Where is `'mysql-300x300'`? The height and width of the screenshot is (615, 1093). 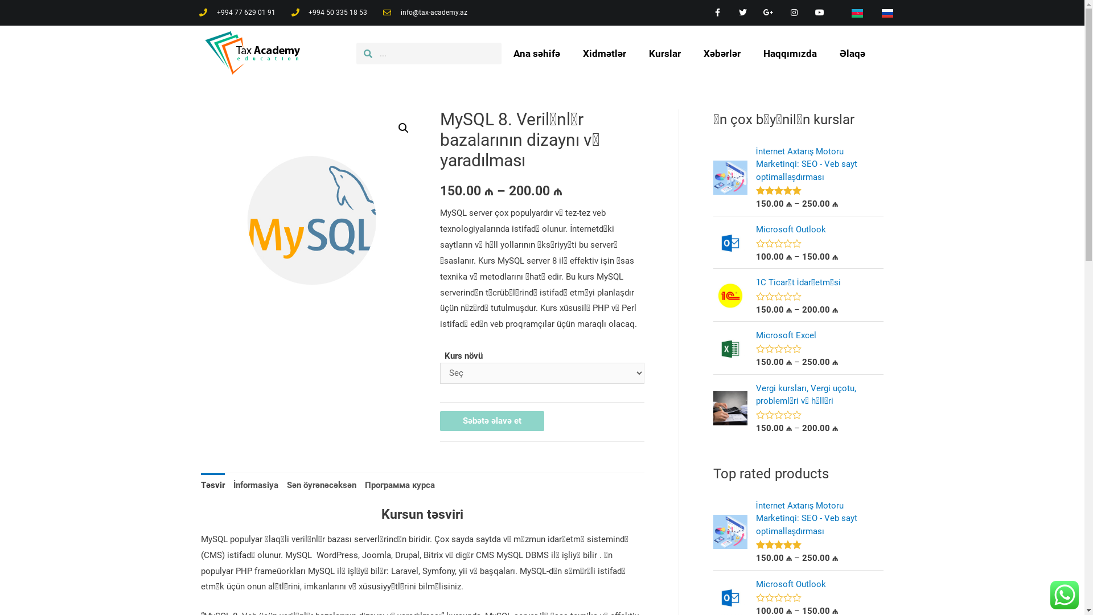 'mysql-300x300' is located at coordinates (311, 220).